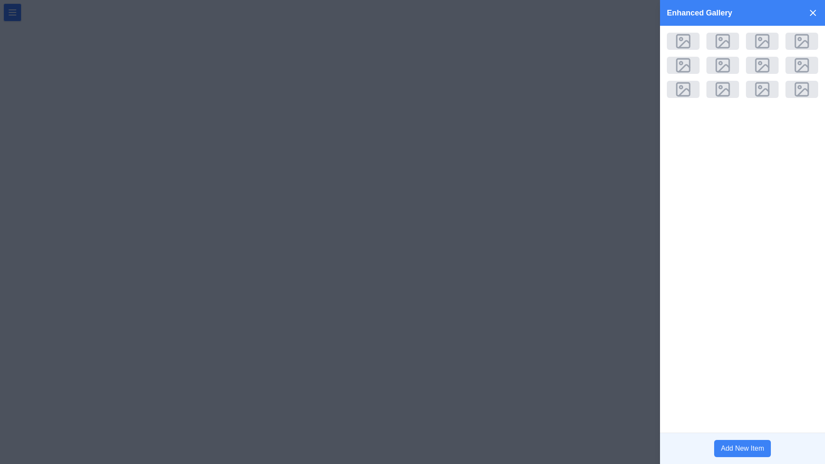  Describe the element at coordinates (682, 41) in the screenshot. I see `the placeholder for an image in the top-left corner of the grid layout in the 'Enhanced Gallery' modal window` at that location.